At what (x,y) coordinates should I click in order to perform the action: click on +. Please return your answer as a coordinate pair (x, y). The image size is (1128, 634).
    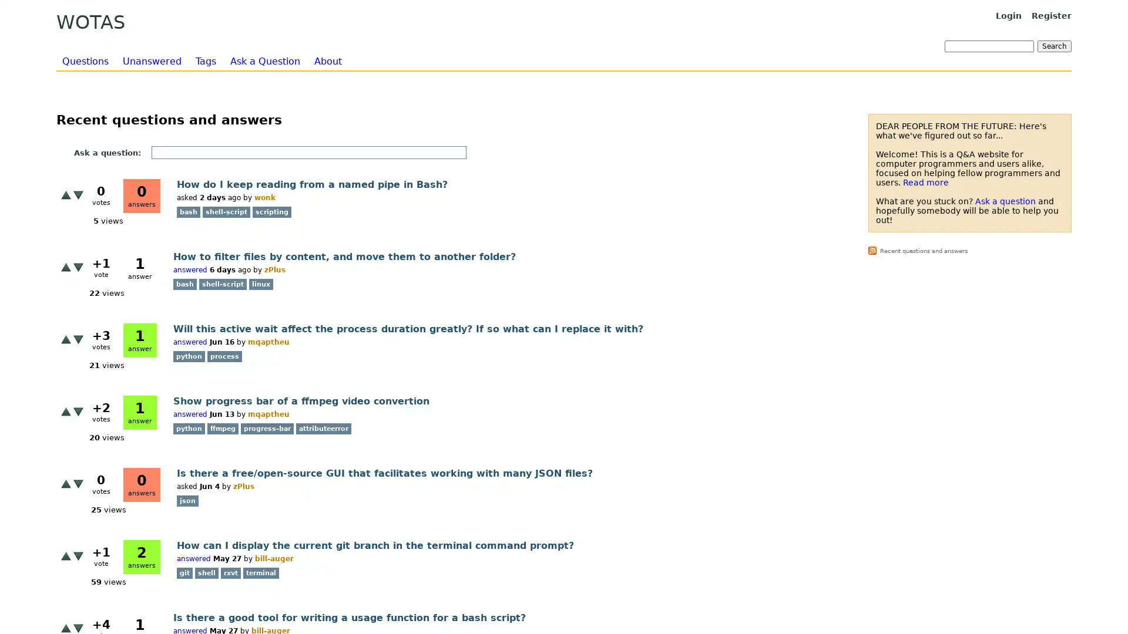
    Looking at the image, I should click on (65, 555).